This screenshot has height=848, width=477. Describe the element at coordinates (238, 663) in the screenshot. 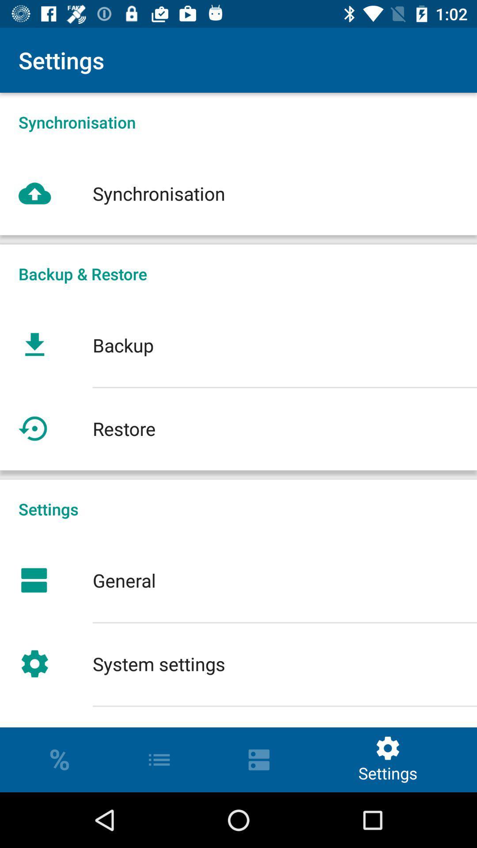

I see `the system settings icon` at that location.